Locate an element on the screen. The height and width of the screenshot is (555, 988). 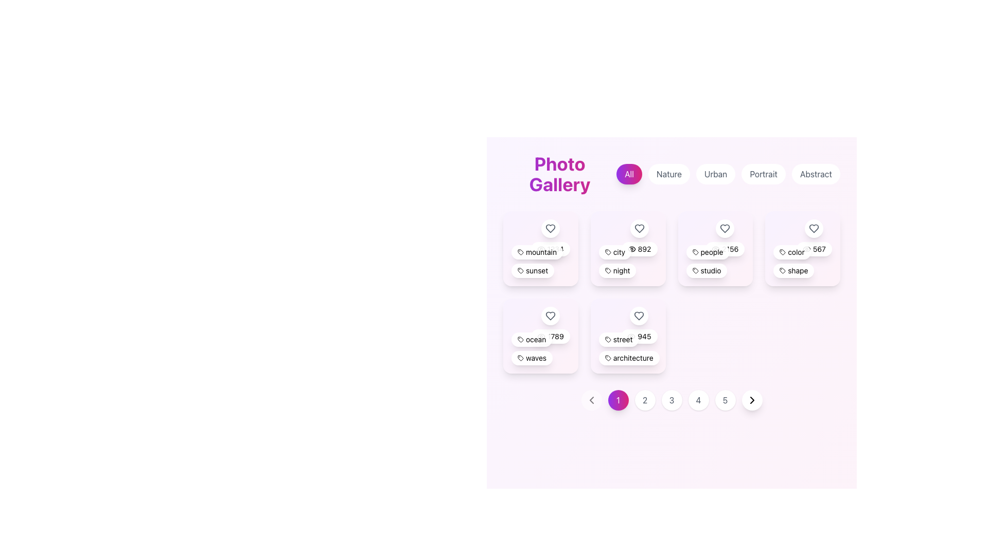
the tag-shaped icon with a hollow structure and rounded edges located in the top-left quadrant of the layout within the first card labeled 'mountain' is located at coordinates (521, 252).